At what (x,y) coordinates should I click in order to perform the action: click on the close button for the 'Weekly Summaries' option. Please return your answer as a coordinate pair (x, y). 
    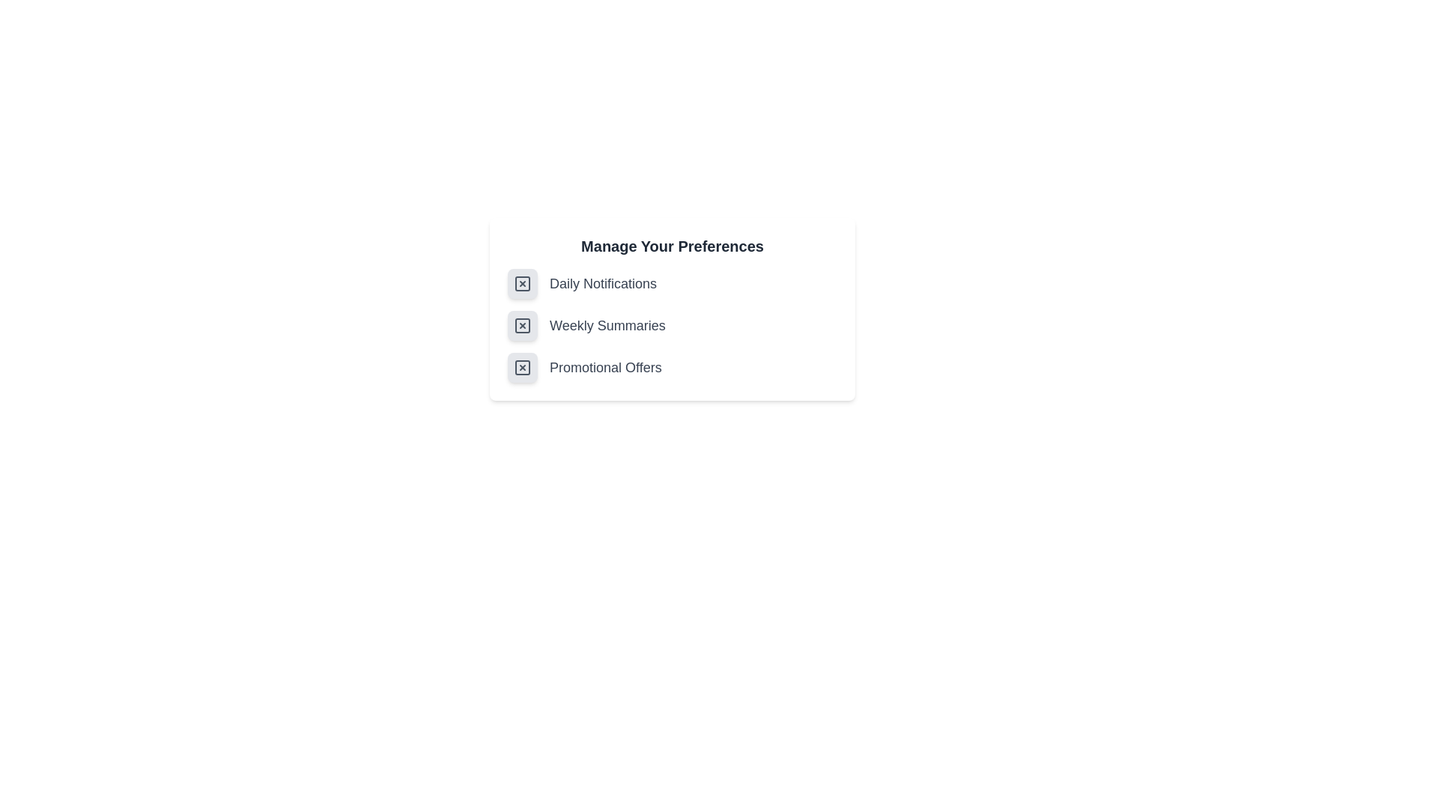
    Looking at the image, I should click on (522, 325).